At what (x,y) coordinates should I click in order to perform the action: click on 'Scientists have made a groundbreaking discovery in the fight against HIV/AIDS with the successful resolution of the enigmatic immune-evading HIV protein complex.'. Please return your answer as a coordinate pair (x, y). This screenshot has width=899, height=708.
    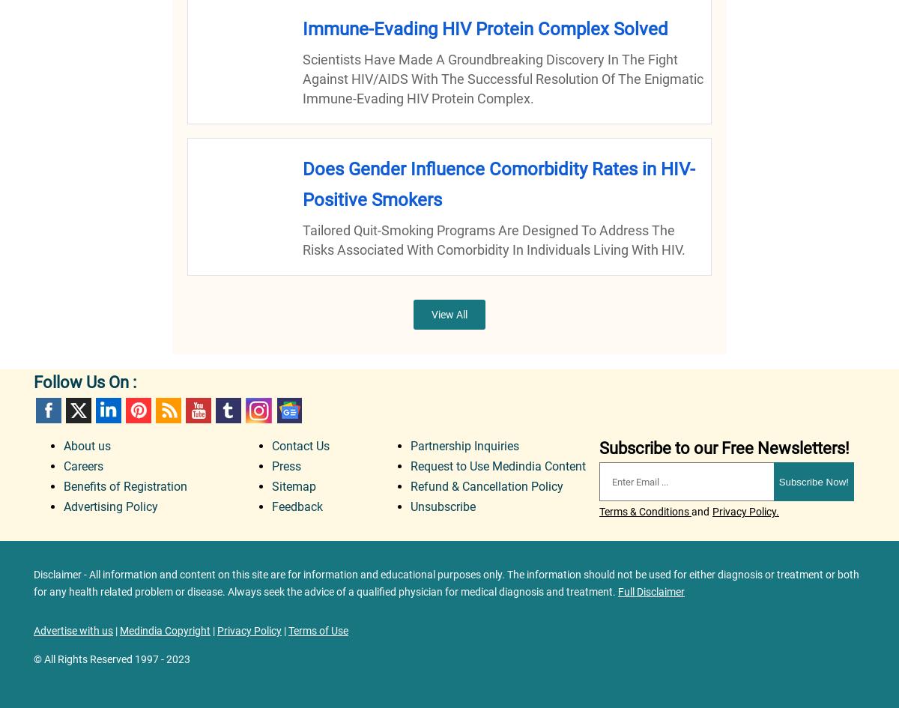
    Looking at the image, I should click on (503, 77).